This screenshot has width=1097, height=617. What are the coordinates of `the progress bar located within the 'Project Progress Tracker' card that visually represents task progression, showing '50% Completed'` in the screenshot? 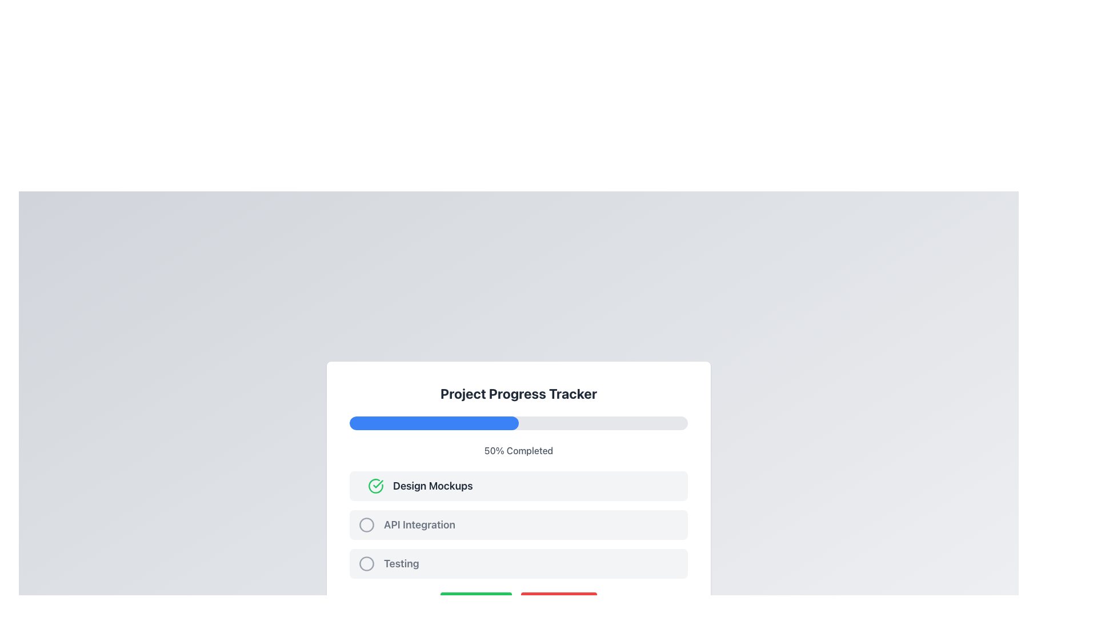 It's located at (518, 423).